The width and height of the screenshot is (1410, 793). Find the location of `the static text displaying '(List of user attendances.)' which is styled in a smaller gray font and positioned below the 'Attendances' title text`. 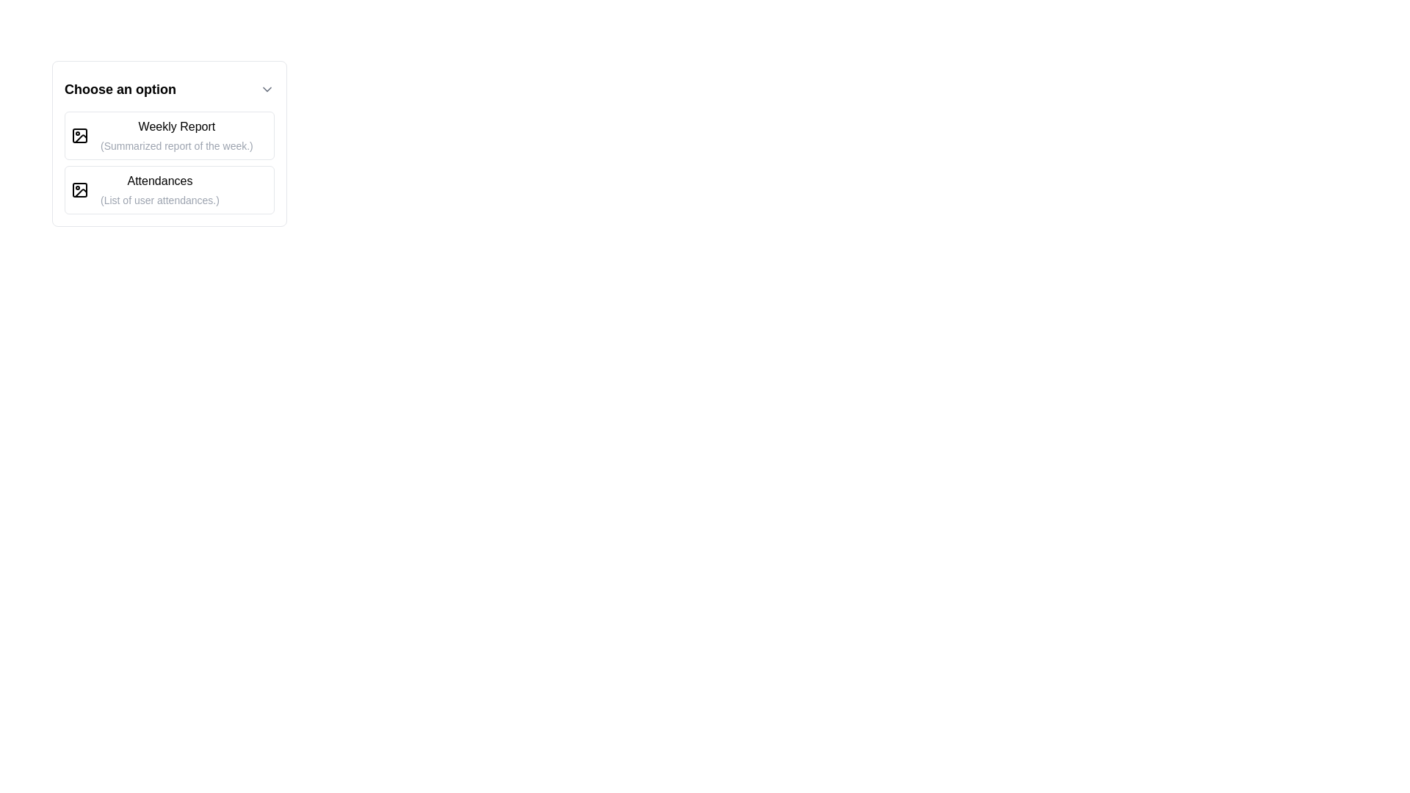

the static text displaying '(List of user attendances.)' which is styled in a smaller gray font and positioned below the 'Attendances' title text is located at coordinates (159, 200).